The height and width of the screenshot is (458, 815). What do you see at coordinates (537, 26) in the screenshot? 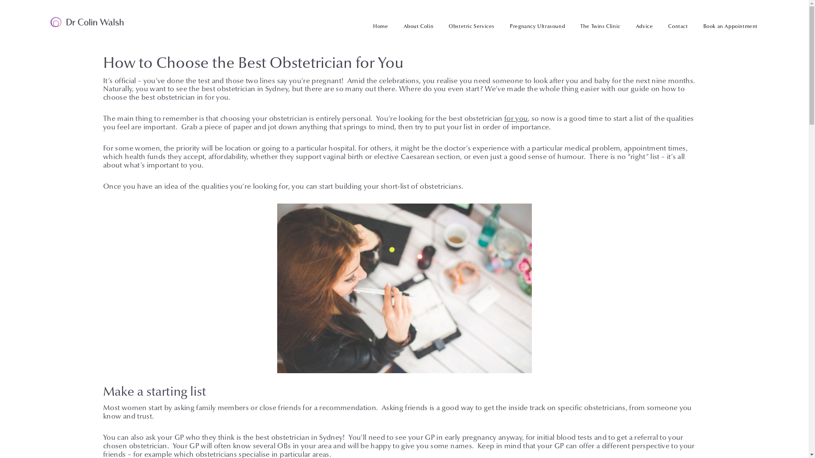
I see `'Pregnancy Ultrasound'` at bounding box center [537, 26].